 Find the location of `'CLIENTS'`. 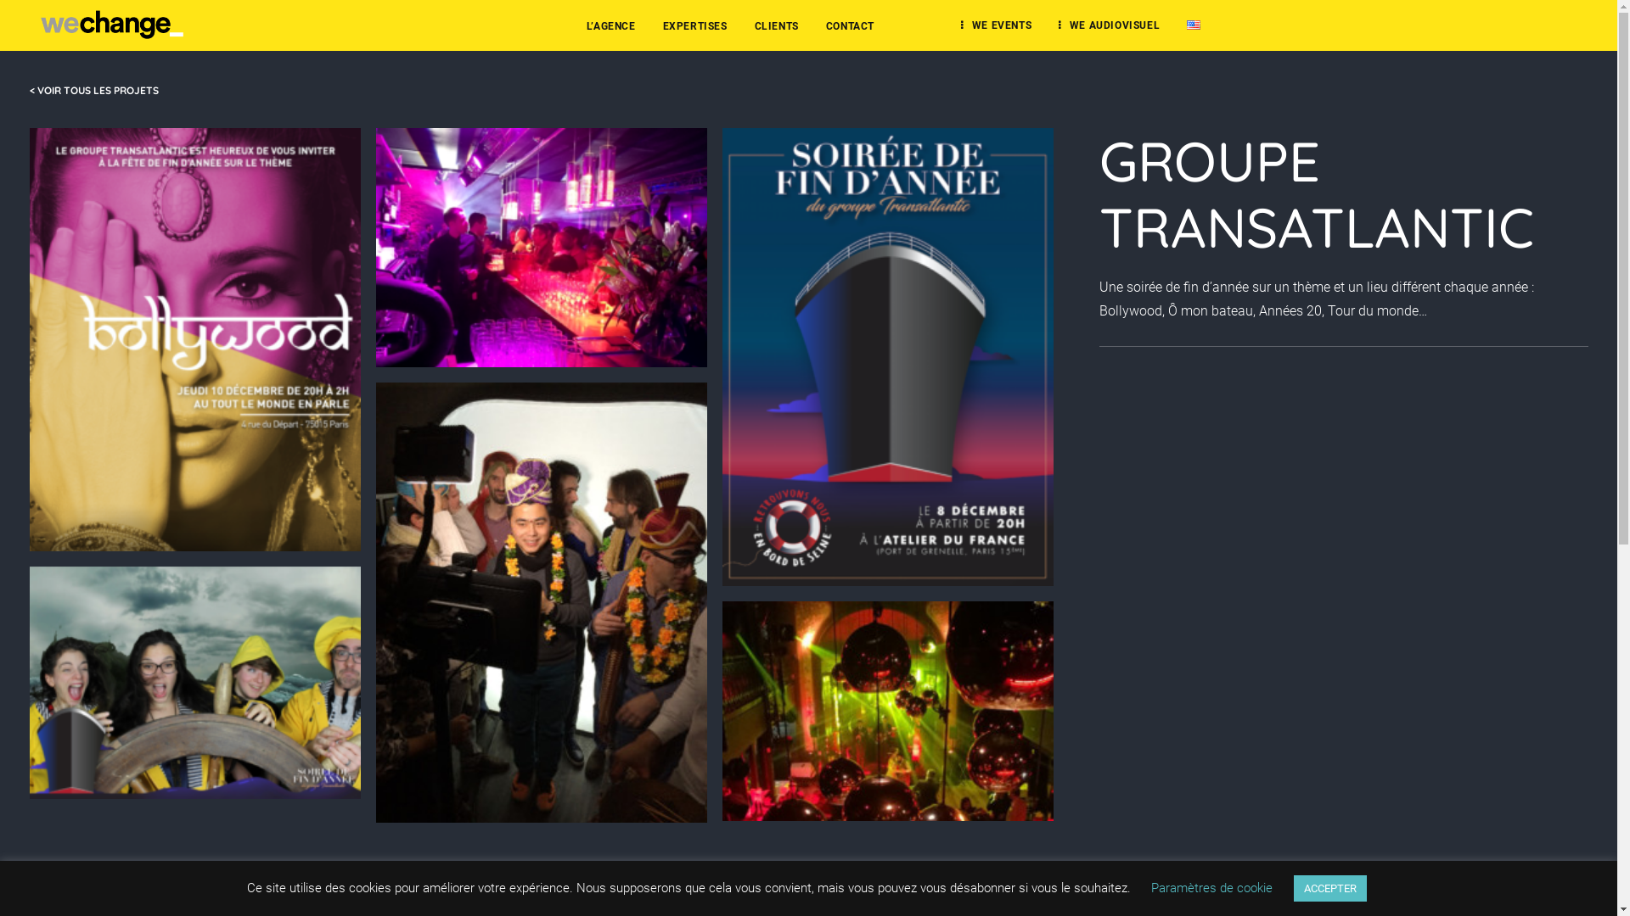

'CLIENTS' is located at coordinates (776, 25).